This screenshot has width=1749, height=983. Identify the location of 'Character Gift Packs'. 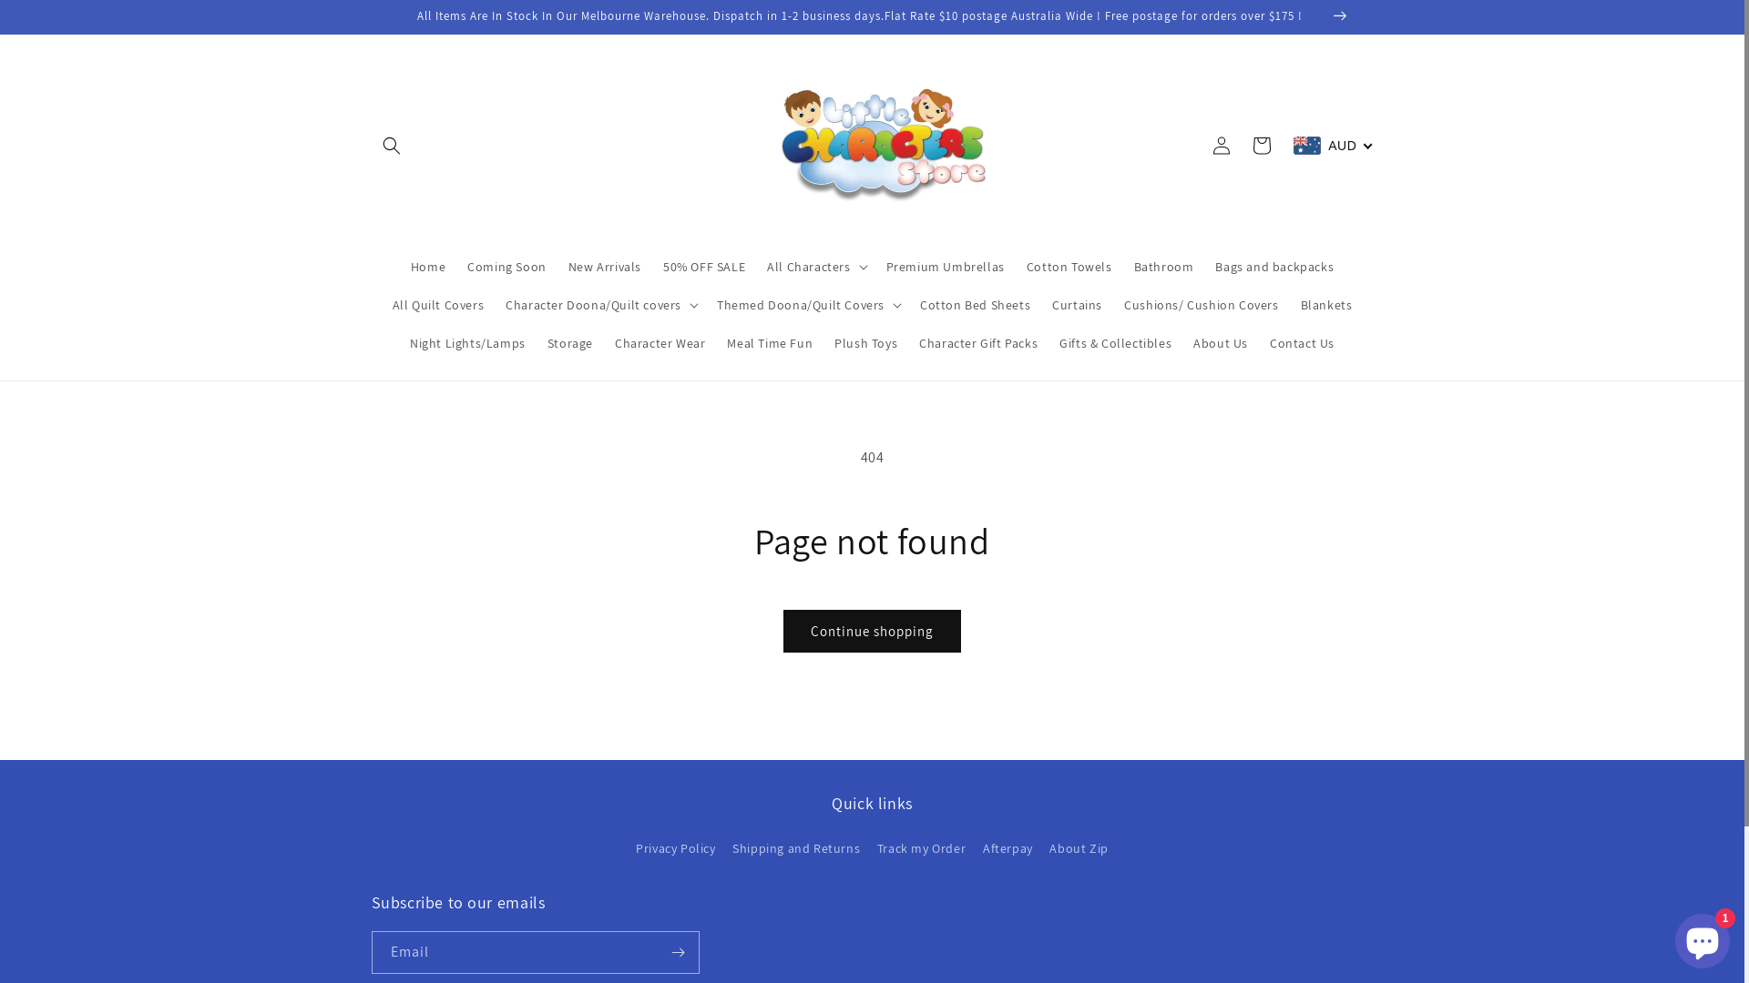
(977, 343).